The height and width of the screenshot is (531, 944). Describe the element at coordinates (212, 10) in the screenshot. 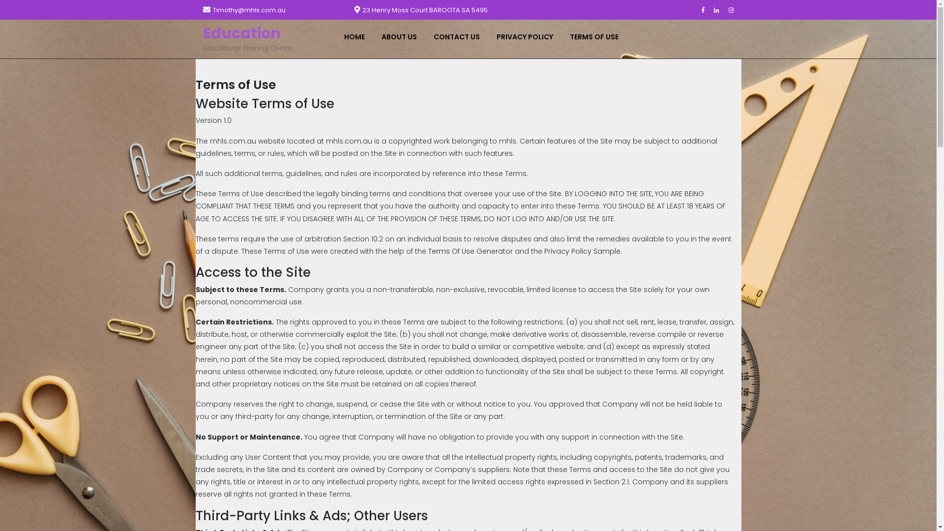

I see `'Timothy@mhls.com.au'` at that location.